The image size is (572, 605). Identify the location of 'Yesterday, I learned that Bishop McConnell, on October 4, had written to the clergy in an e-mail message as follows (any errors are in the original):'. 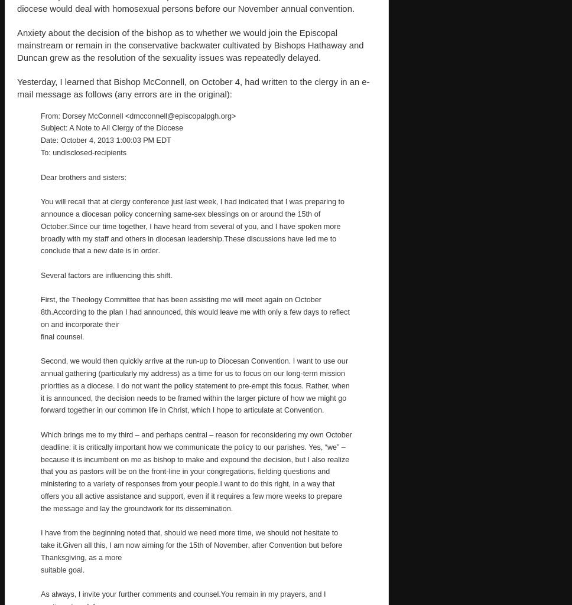
(193, 87).